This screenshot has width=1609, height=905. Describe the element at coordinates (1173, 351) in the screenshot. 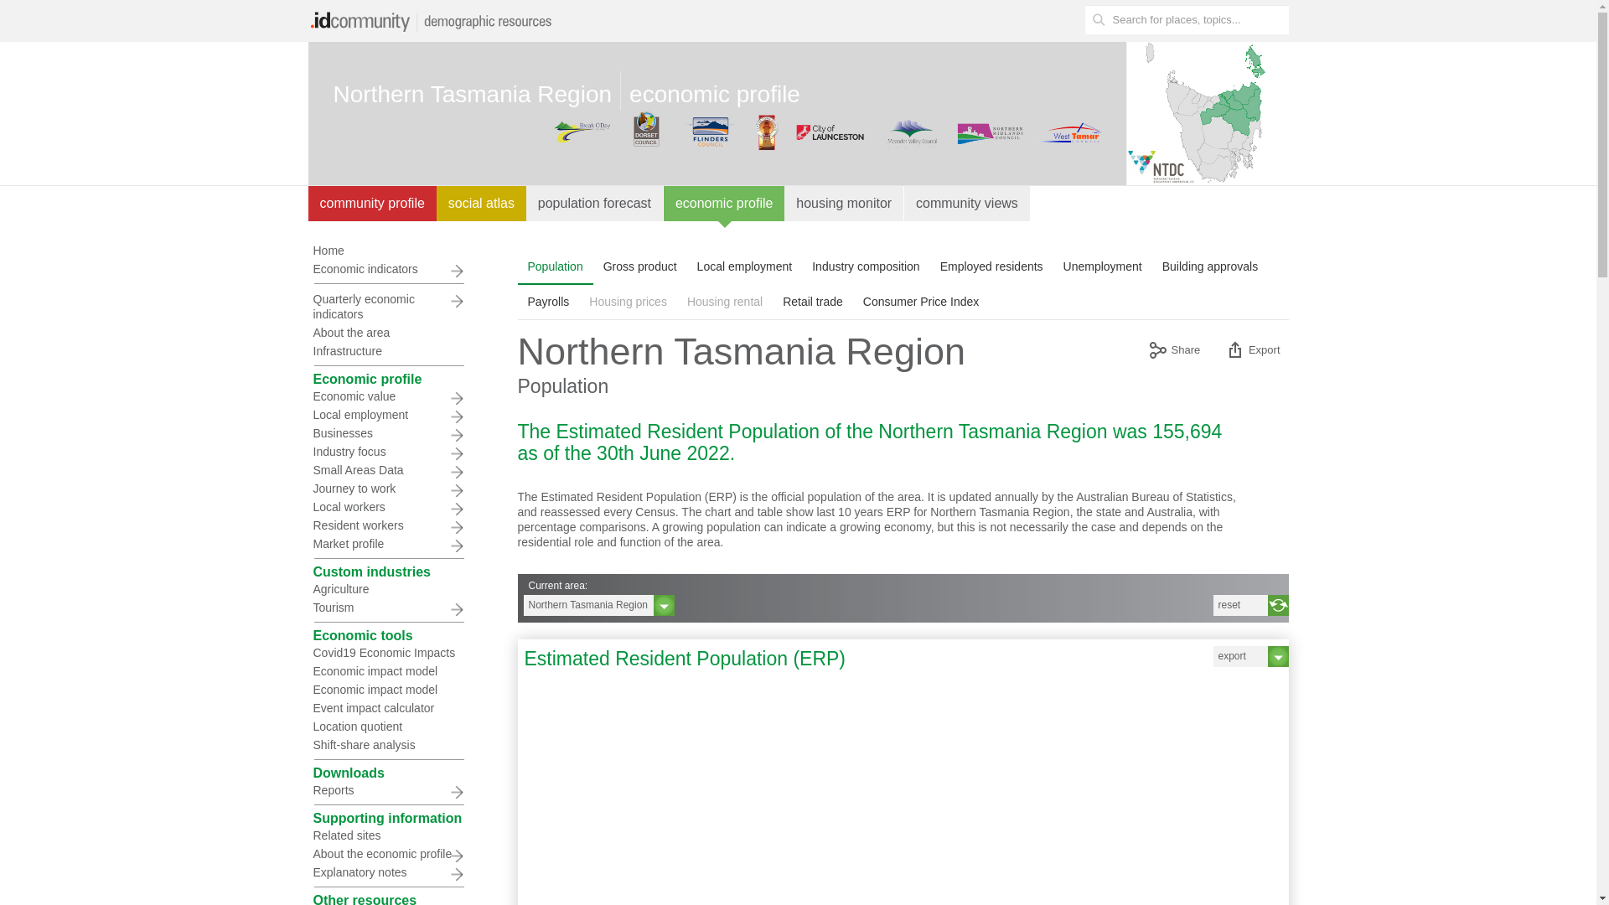

I see `'Share'` at that location.